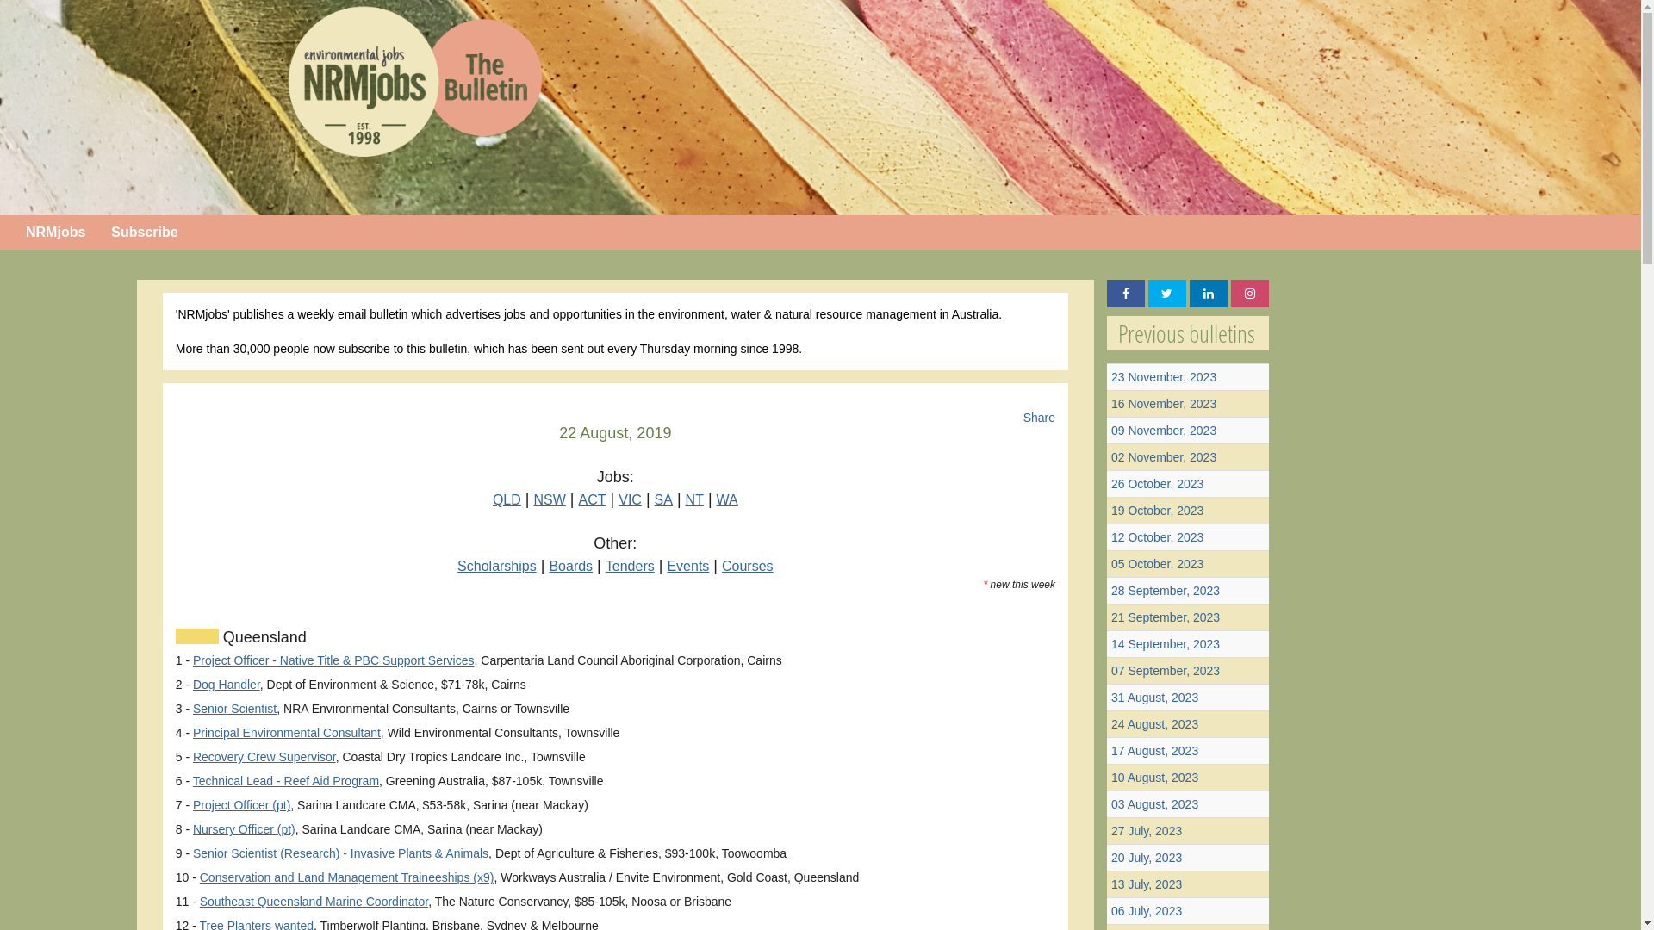 The height and width of the screenshot is (930, 1654). What do you see at coordinates (457, 566) in the screenshot?
I see `'Scholarships'` at bounding box center [457, 566].